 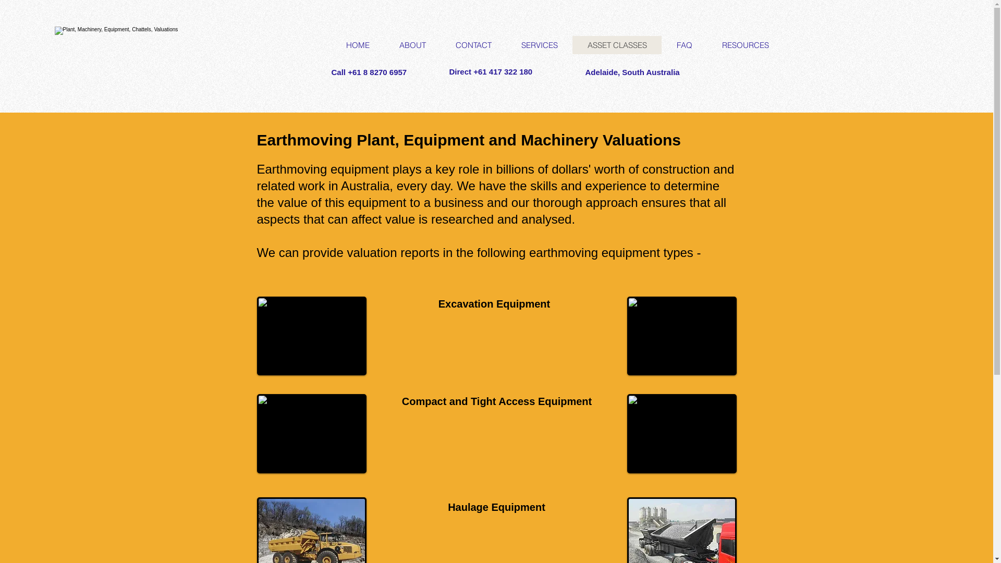 I want to click on 'ASSET CLASSES', so click(x=572, y=44).